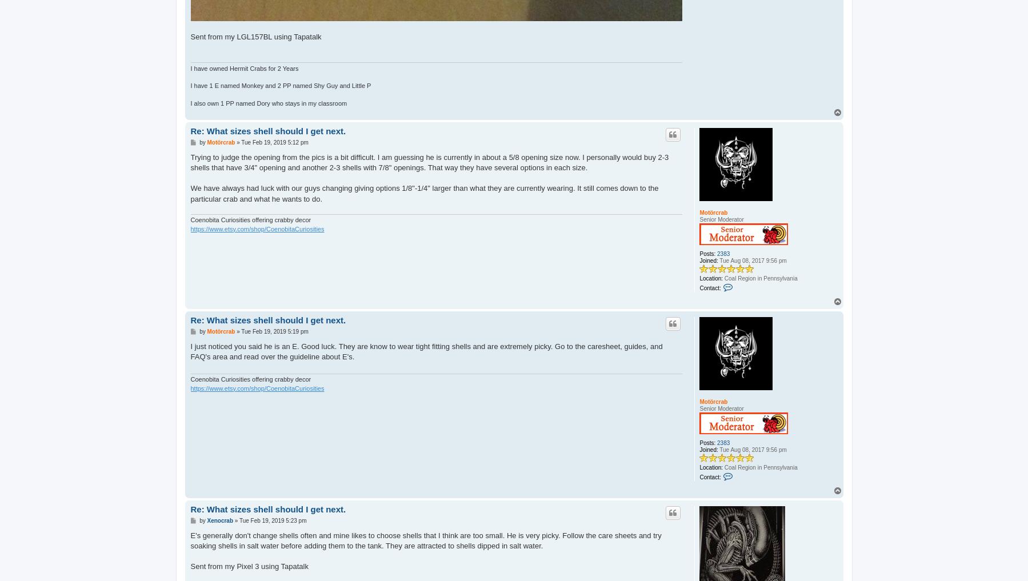  What do you see at coordinates (249, 566) in the screenshot?
I see `'Sent from my Pixel 3 using Tapatalk'` at bounding box center [249, 566].